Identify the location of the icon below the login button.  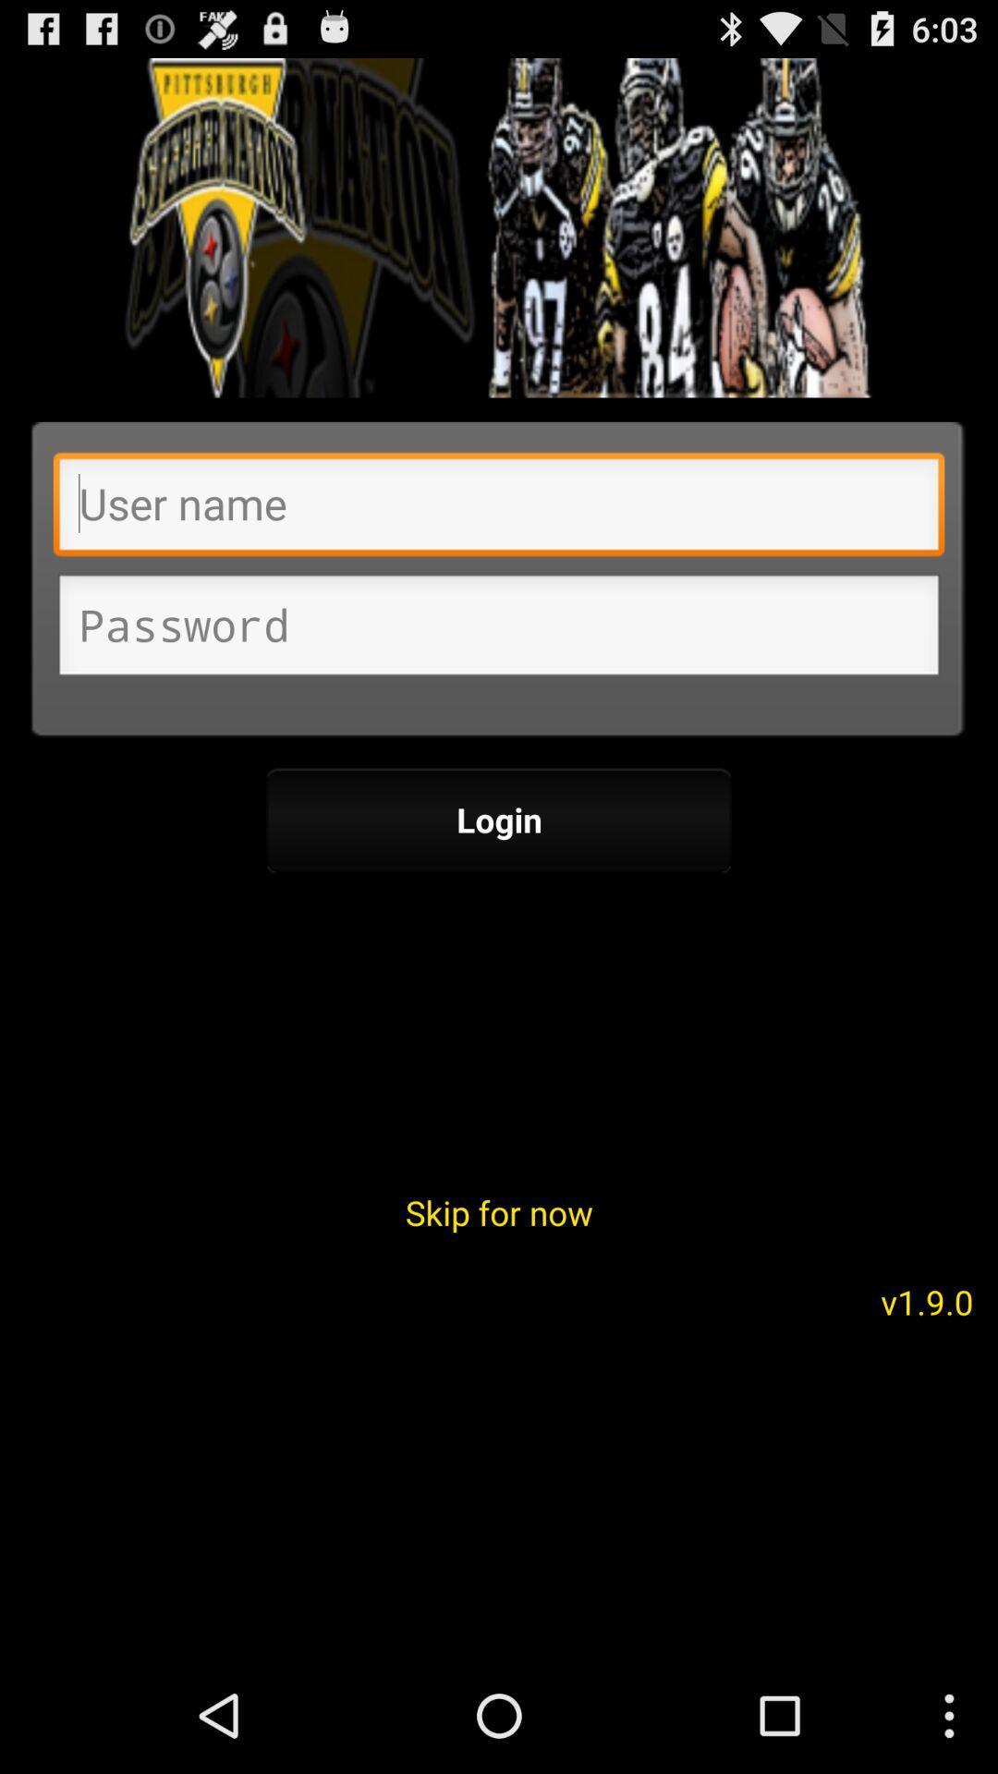
(499, 1212).